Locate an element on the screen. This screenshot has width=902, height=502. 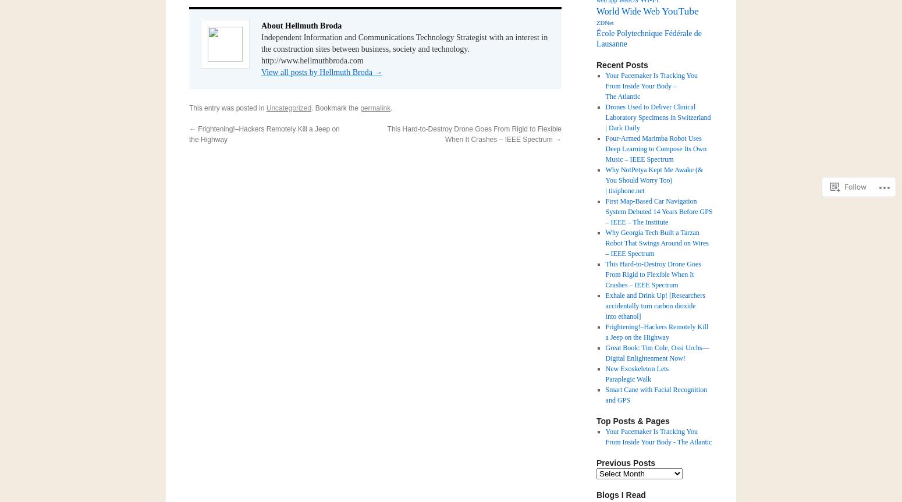
'Great Book: Tim Cole, Ossi Urchs—Digital Enlightenment Now!' is located at coordinates (656, 353).